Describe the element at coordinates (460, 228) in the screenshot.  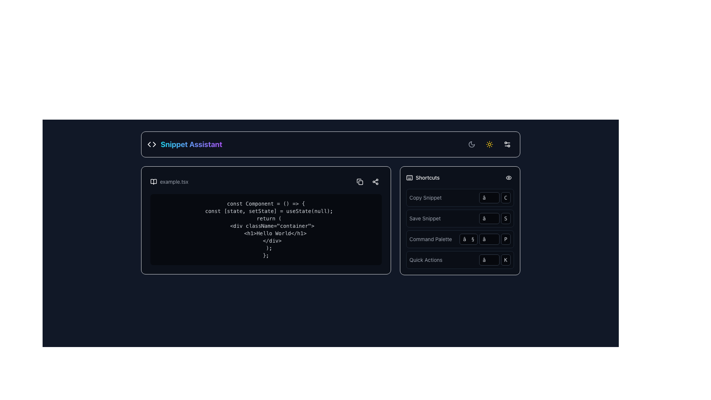
I see `the details of the third shortcut row in the Shortcuts section, which is styled with a dark background and rounded corners` at that location.